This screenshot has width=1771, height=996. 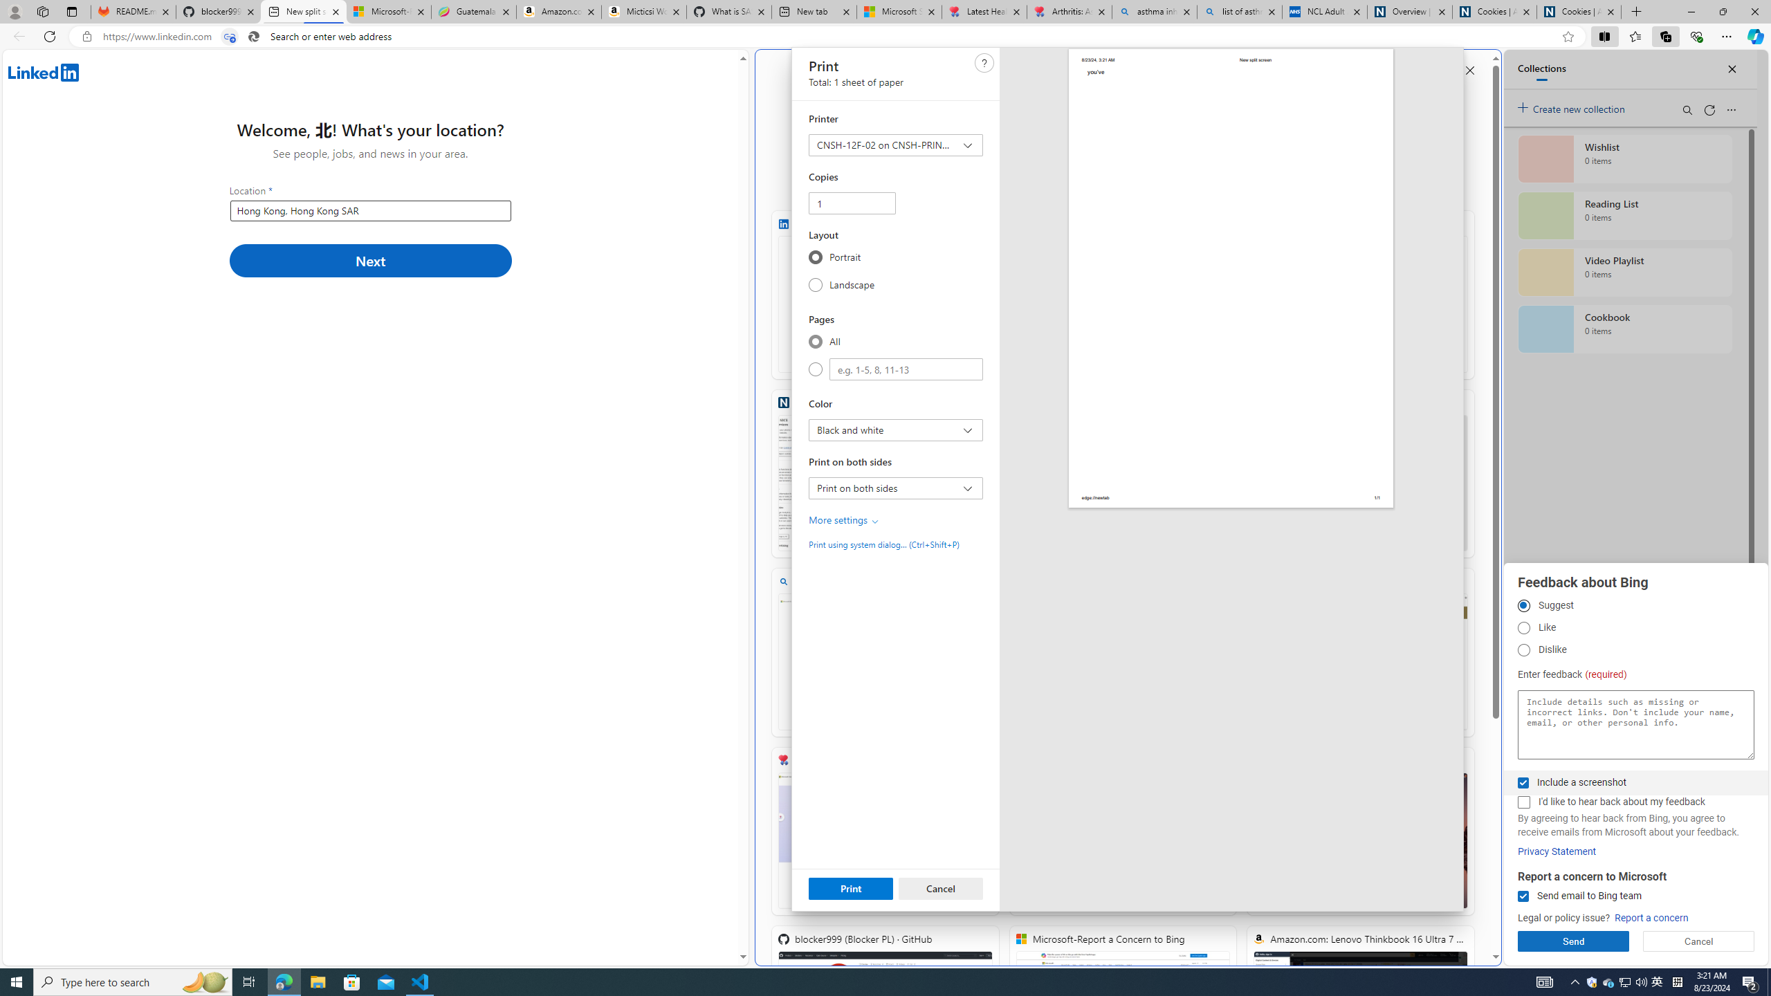 I want to click on 'Cancel', so click(x=939, y=887).